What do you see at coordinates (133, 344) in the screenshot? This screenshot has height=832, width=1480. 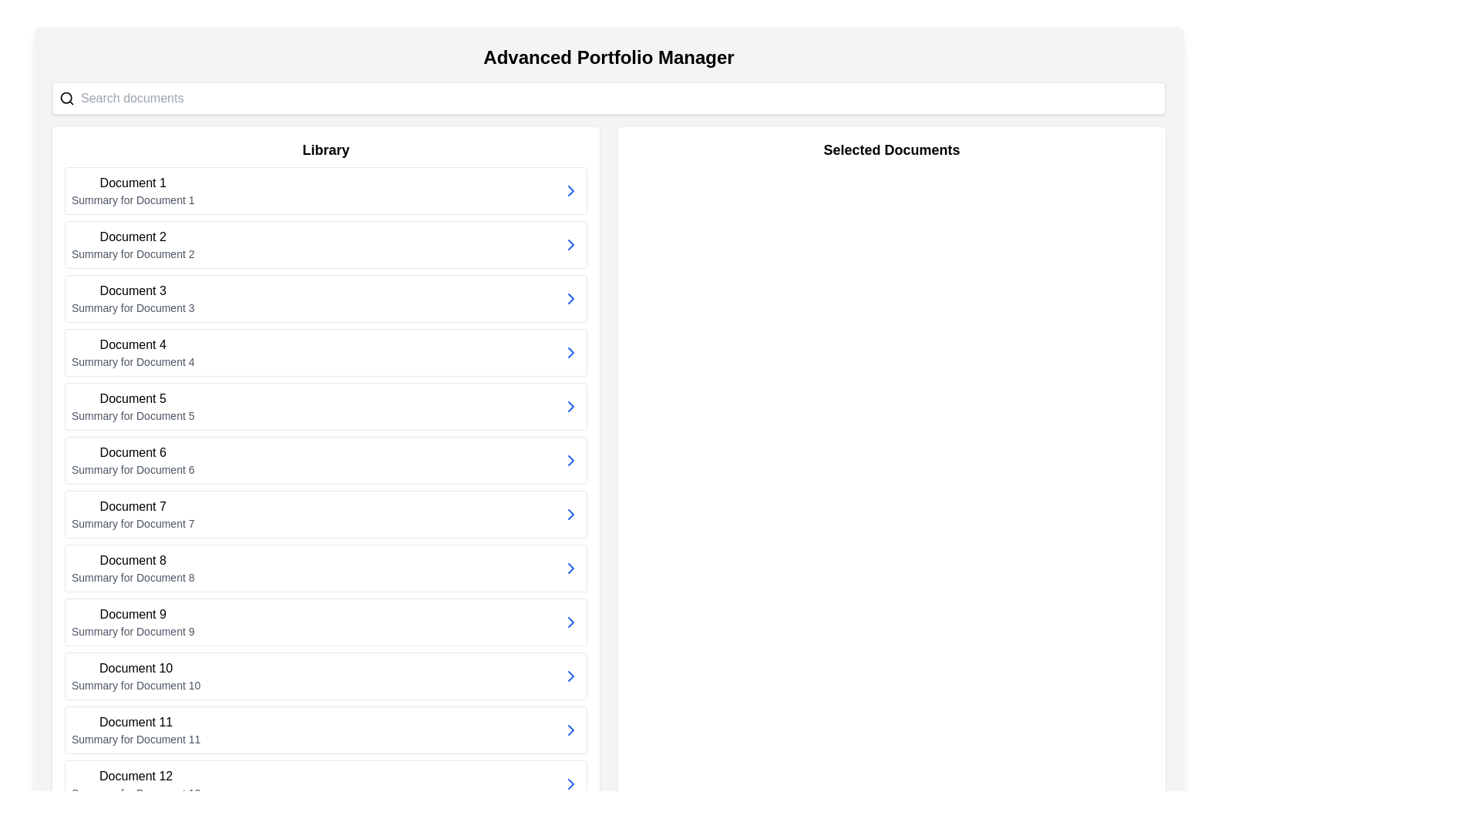 I see `the Text label that serves as the title of 'Document 4' in the Library section, specifically the fourth item from the top of the list on the left panel` at bounding box center [133, 344].